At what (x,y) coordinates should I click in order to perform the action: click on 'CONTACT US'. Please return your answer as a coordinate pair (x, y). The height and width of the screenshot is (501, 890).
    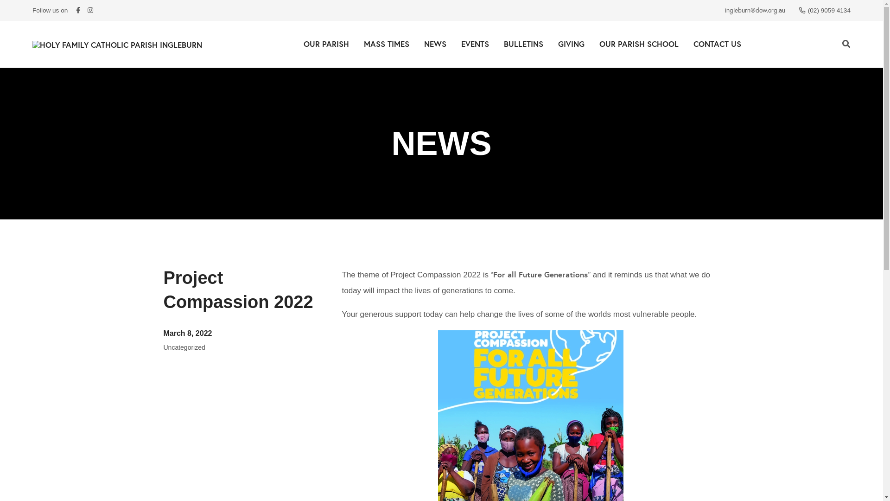
    Looking at the image, I should click on (717, 44).